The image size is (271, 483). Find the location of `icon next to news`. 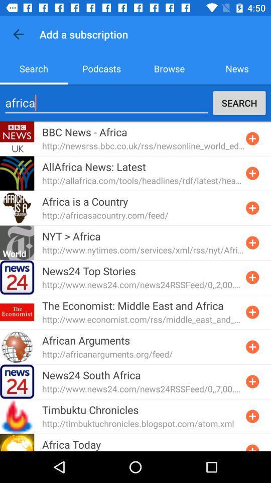

icon next to news is located at coordinates (169, 68).